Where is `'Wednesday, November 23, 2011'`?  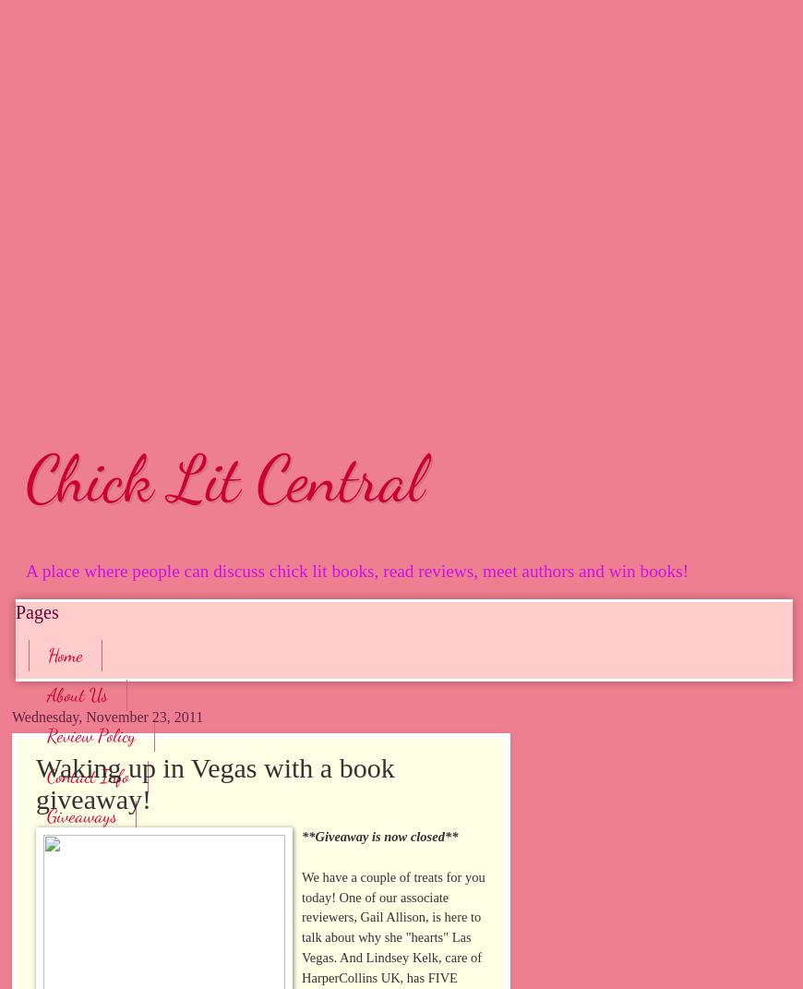 'Wednesday, November 23, 2011' is located at coordinates (106, 715).